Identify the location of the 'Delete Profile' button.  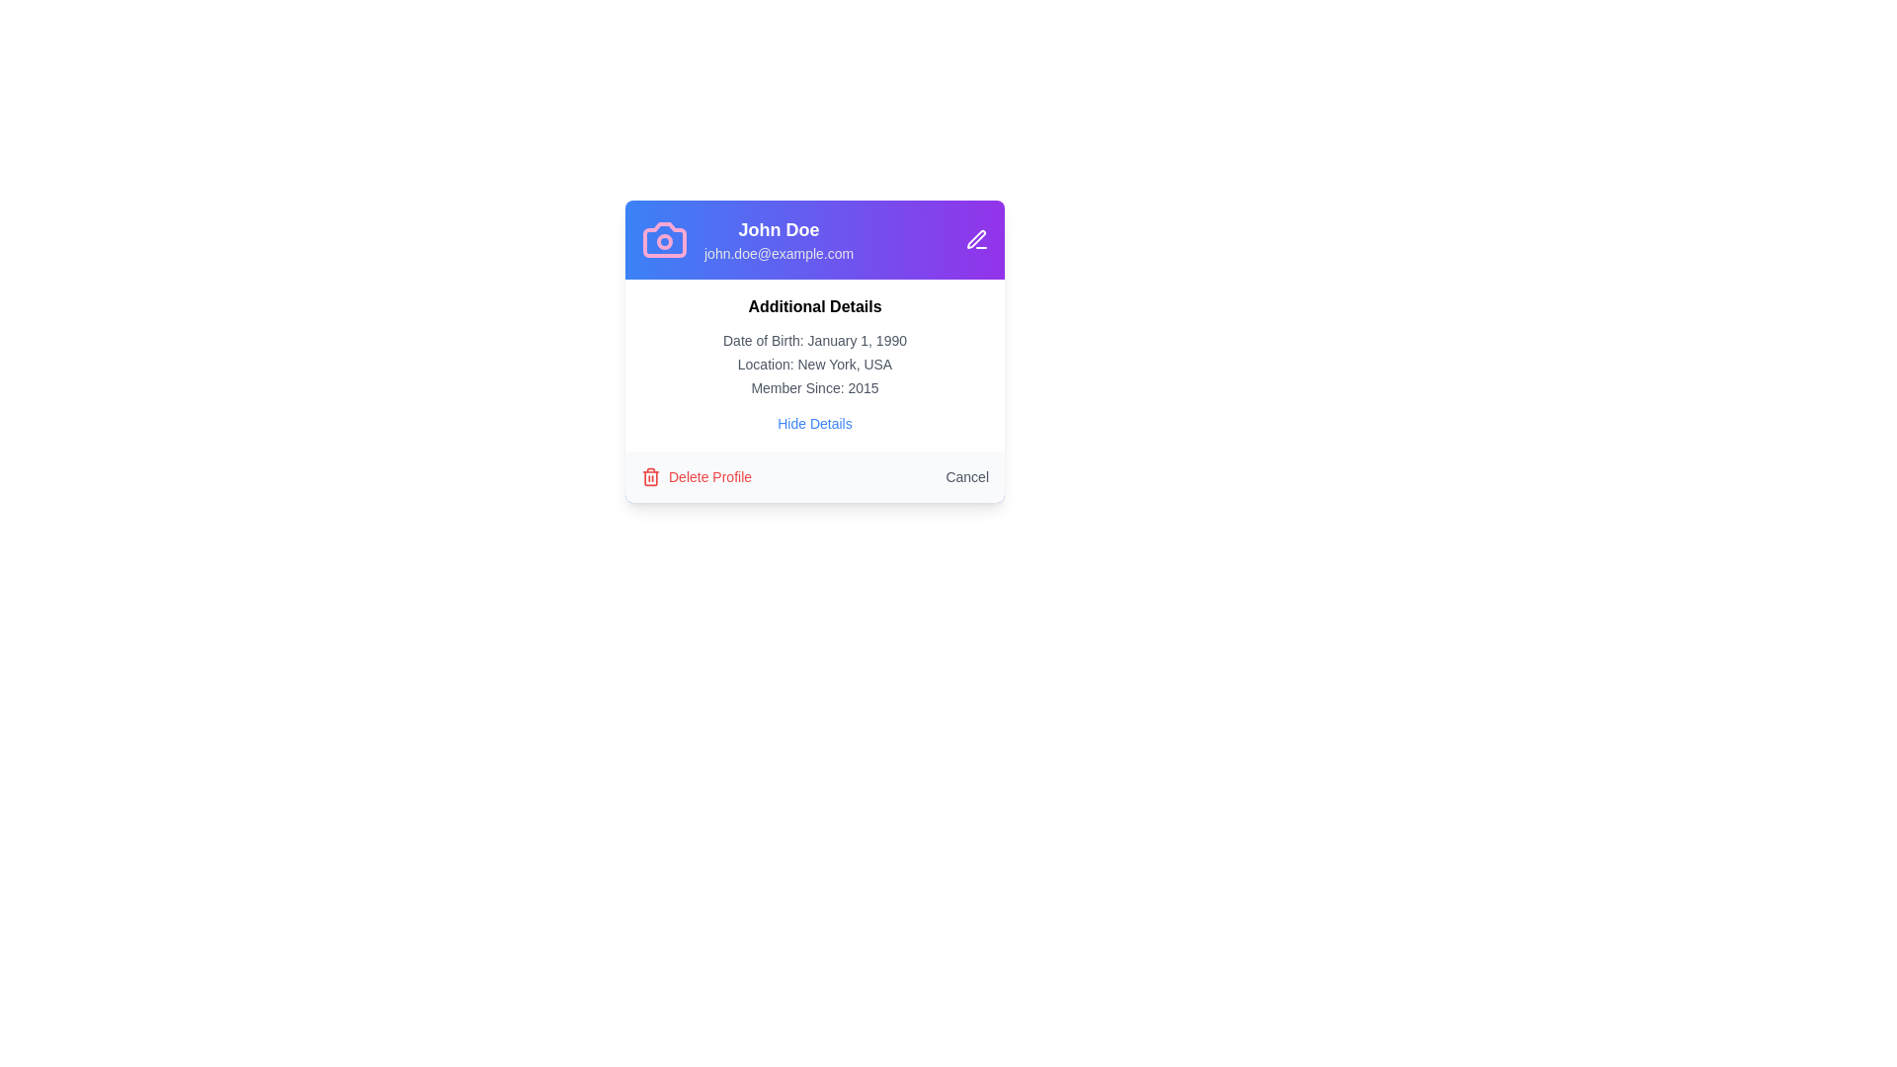
(697, 476).